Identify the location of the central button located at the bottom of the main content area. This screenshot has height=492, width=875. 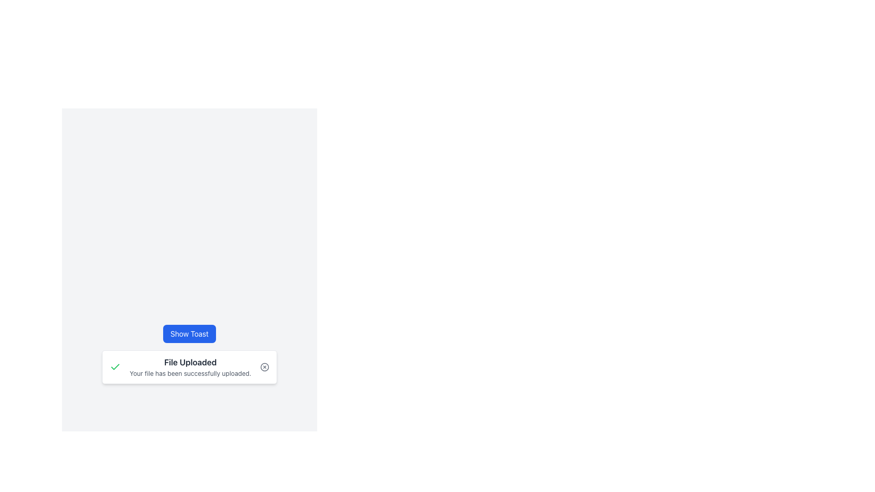
(189, 333).